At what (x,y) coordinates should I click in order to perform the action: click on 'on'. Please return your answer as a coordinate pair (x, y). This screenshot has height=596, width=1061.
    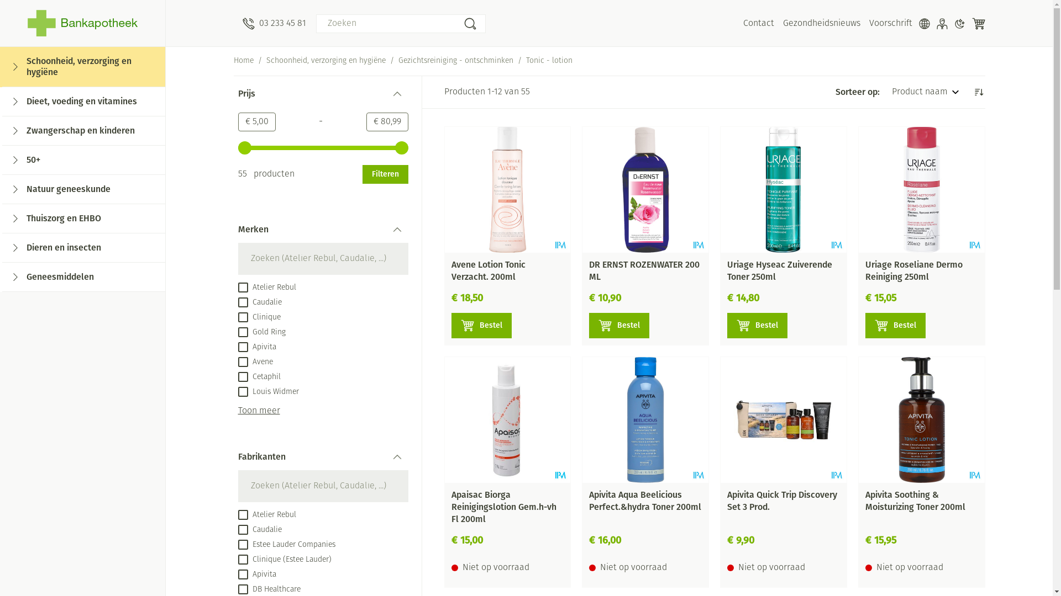
    Looking at the image, I should click on (237, 560).